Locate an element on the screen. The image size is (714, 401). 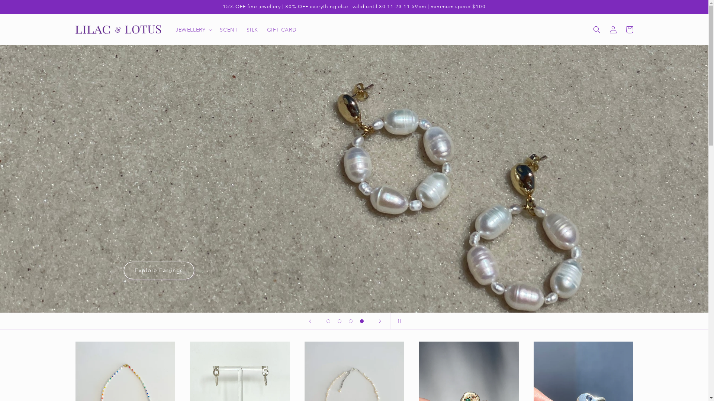
'GIFT CARD' is located at coordinates (281, 29).